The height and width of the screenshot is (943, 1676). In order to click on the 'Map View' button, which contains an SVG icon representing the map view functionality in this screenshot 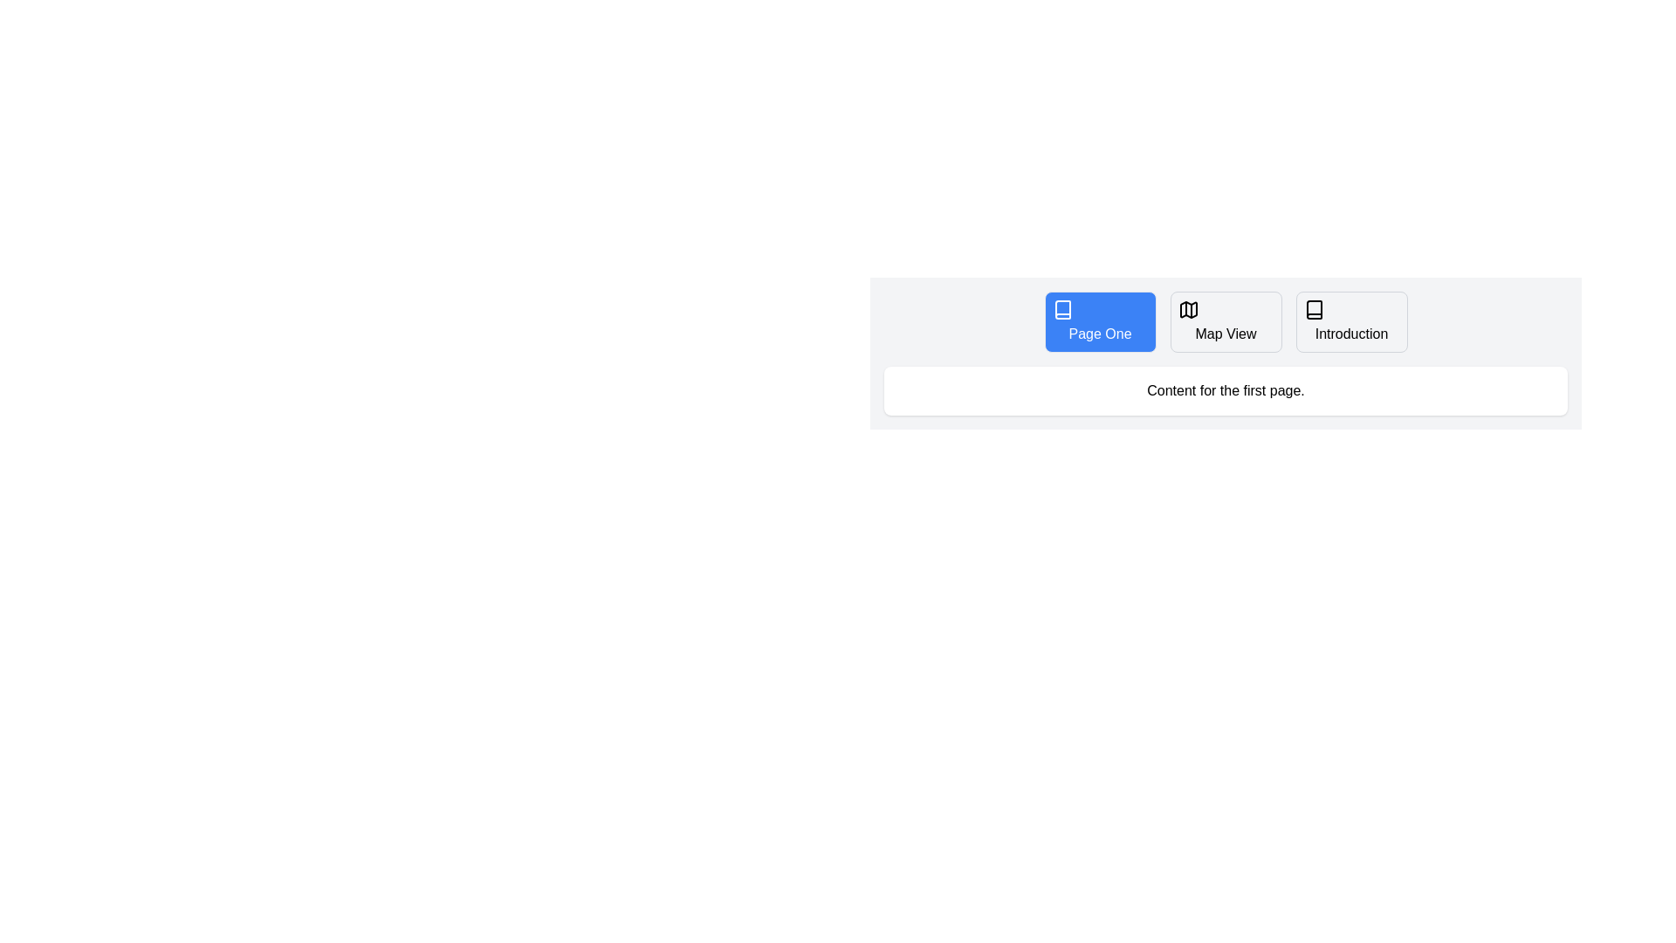, I will do `click(1187, 308)`.